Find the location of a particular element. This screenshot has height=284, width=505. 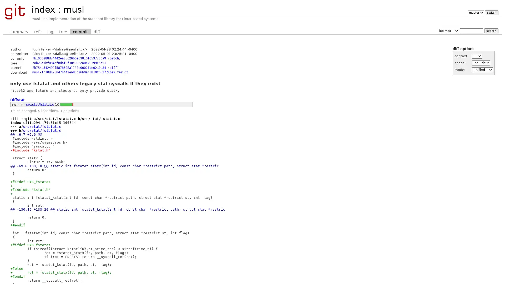

search is located at coordinates (491, 31).